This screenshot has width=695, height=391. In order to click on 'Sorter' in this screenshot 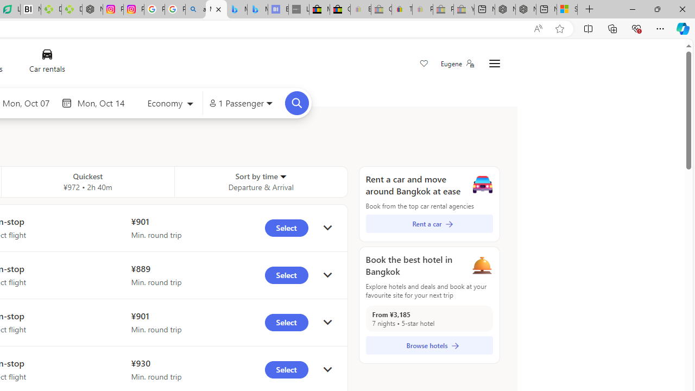, I will do `click(282, 175)`.